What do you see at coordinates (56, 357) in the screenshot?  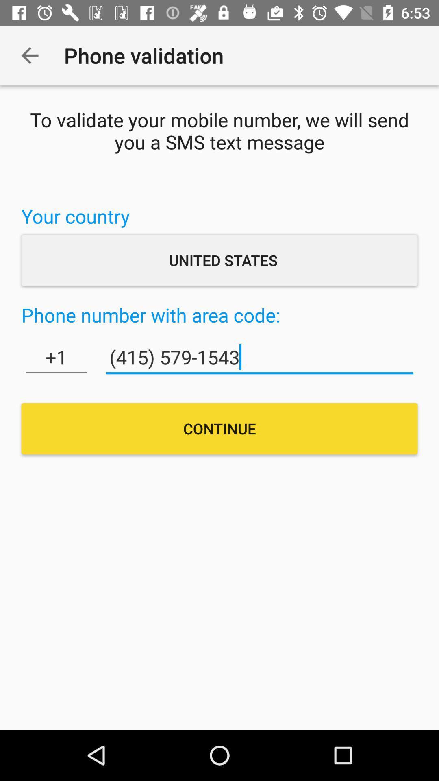 I see `icon below the phone number with icon` at bounding box center [56, 357].